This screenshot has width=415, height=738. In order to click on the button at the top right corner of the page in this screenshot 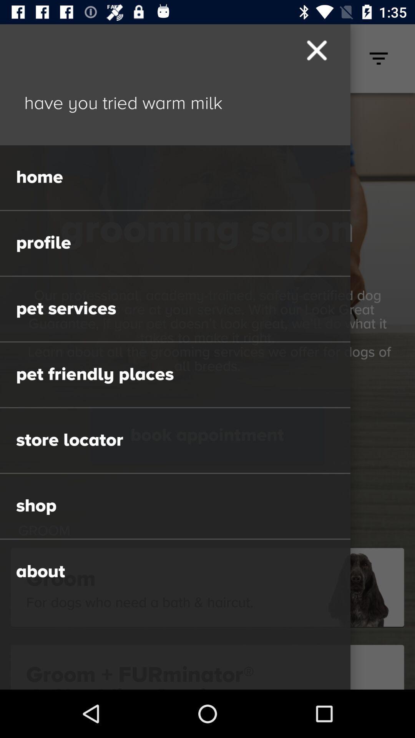, I will do `click(378, 58)`.